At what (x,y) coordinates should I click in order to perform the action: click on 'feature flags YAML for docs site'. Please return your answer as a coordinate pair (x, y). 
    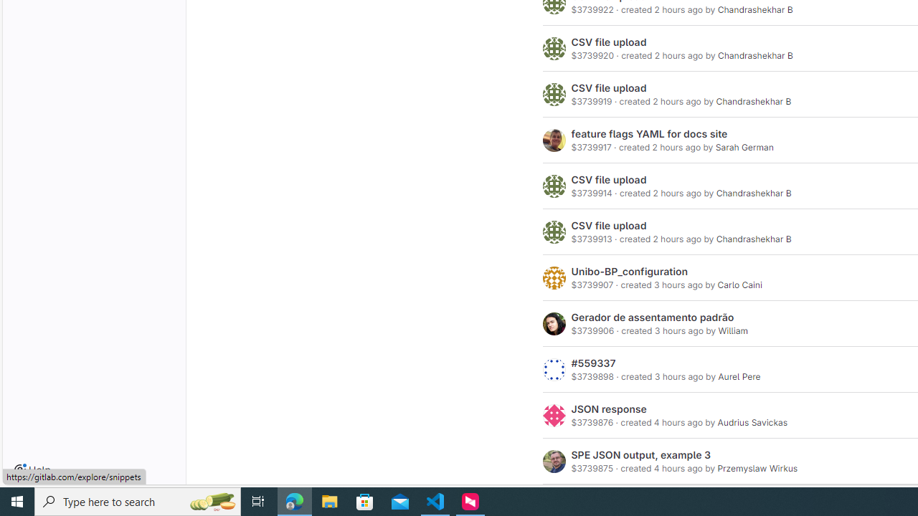
    Looking at the image, I should click on (648, 133).